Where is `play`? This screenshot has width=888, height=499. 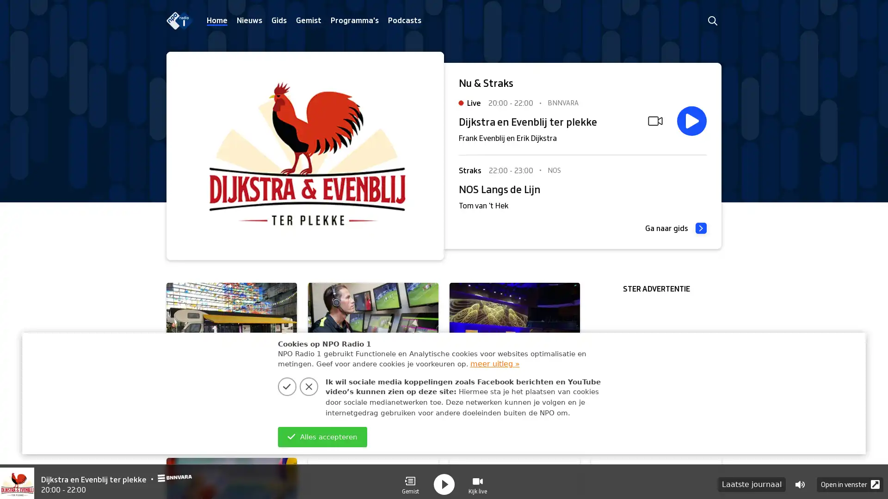
play is located at coordinates (444, 479).